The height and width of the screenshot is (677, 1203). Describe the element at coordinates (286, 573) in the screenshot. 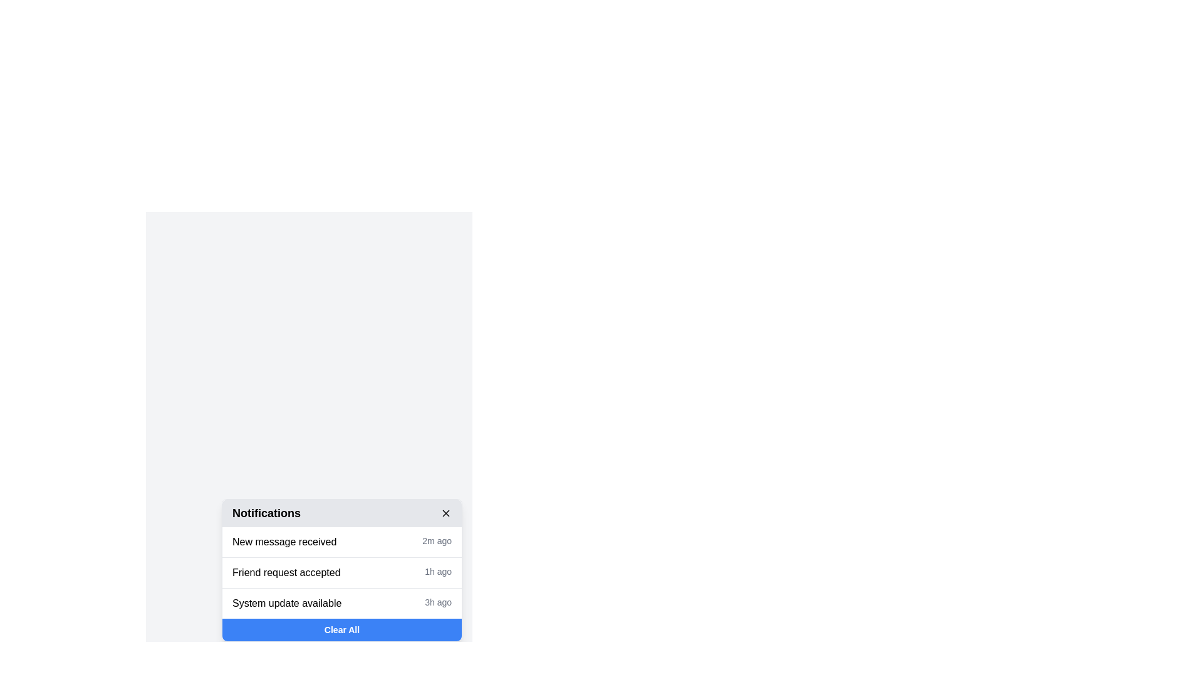

I see `text content of the Text Label displaying 'Friend request accepted' within the second notification entry of the notification panel` at that location.